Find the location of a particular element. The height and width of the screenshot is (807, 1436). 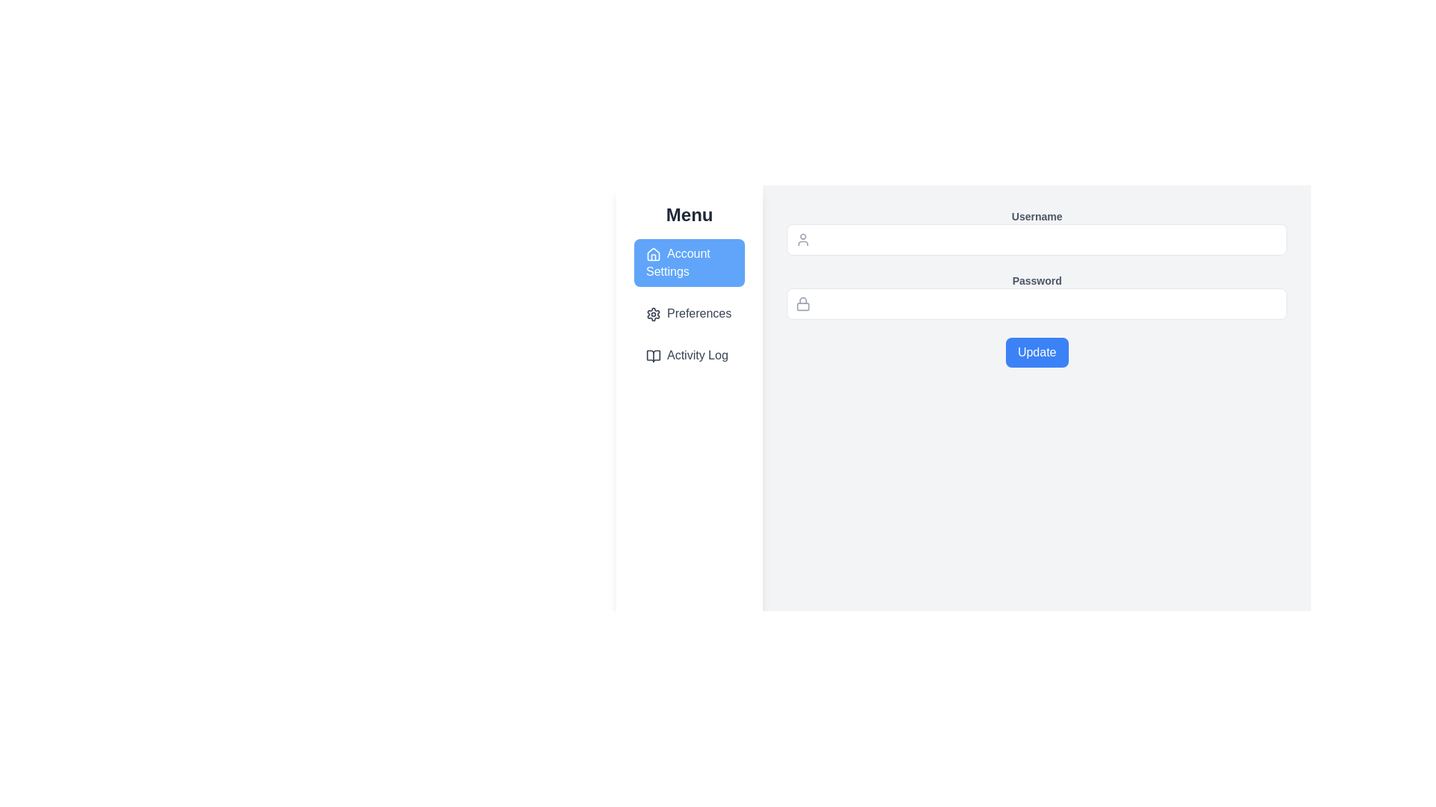

the cogwheel-shaped icon located in the vertical menu on the left side of the interface is located at coordinates (653, 313).